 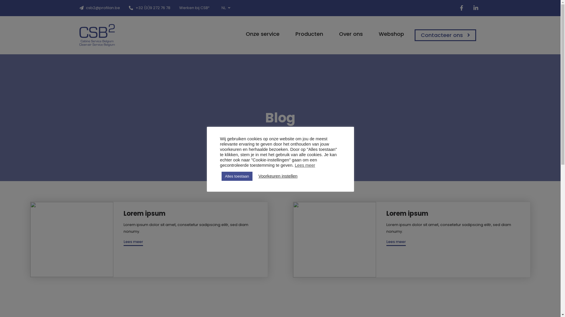 I want to click on 'Onze service', so click(x=260, y=34).